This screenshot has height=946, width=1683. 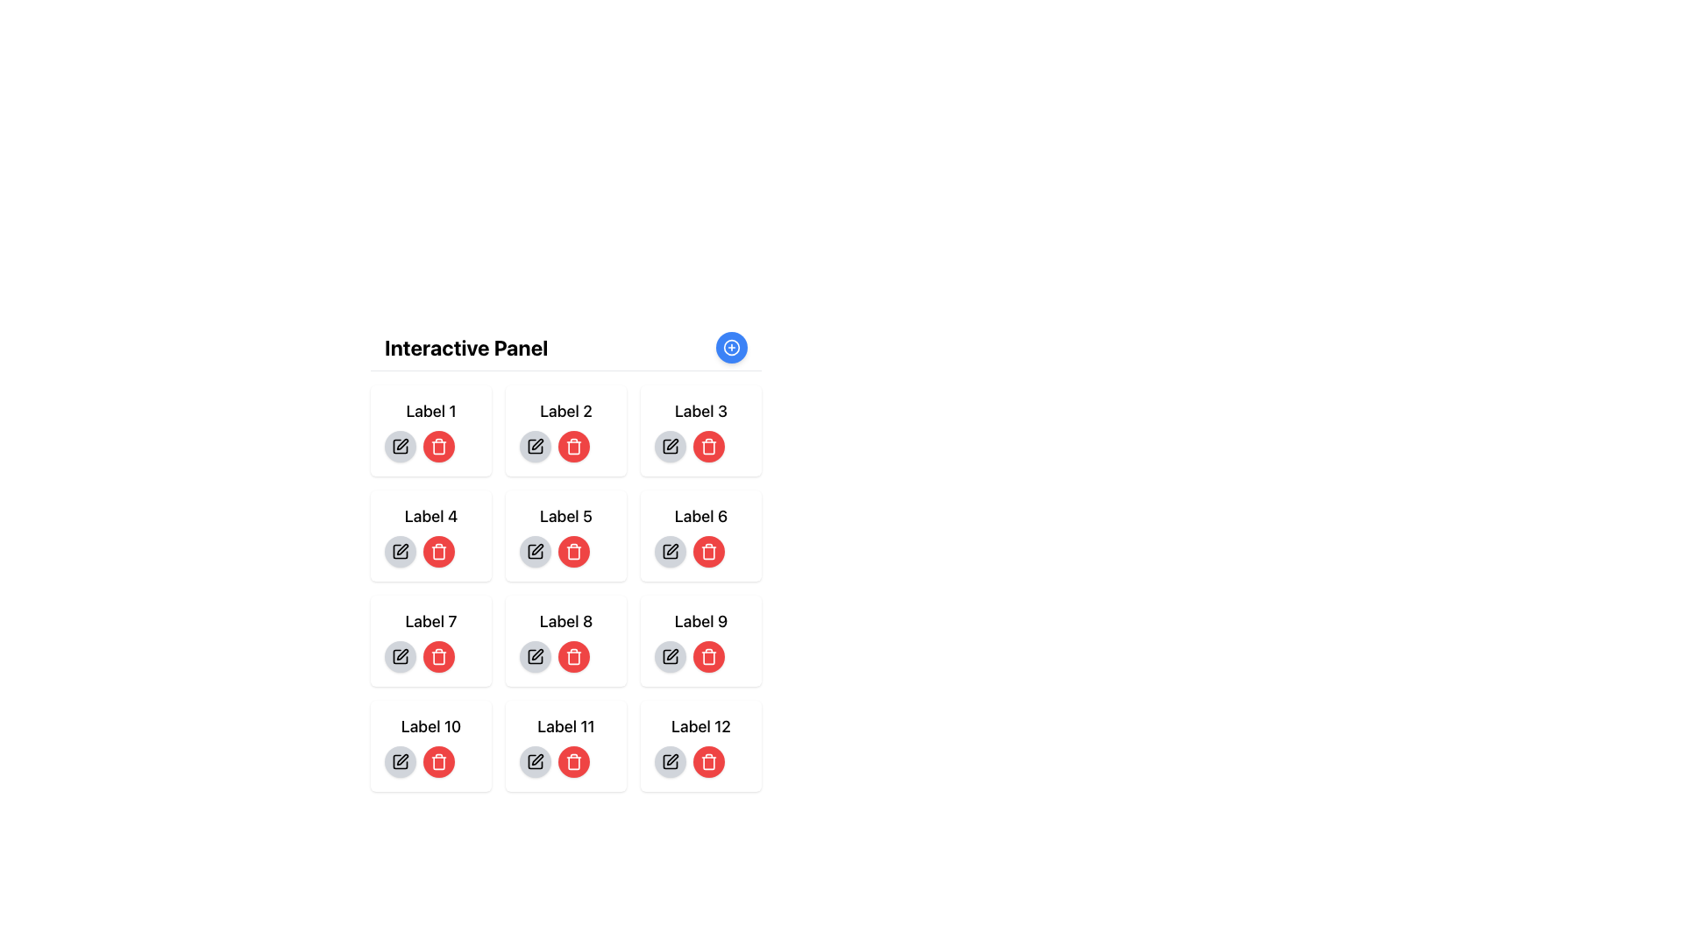 I want to click on the button in the sixth cell of the grid layout under 'Interactive Panel', so click(x=669, y=550).